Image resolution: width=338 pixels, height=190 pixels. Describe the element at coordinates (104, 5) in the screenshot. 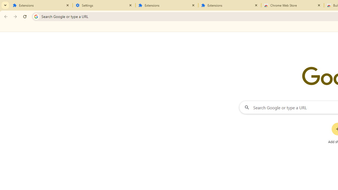

I see `'Settings'` at that location.